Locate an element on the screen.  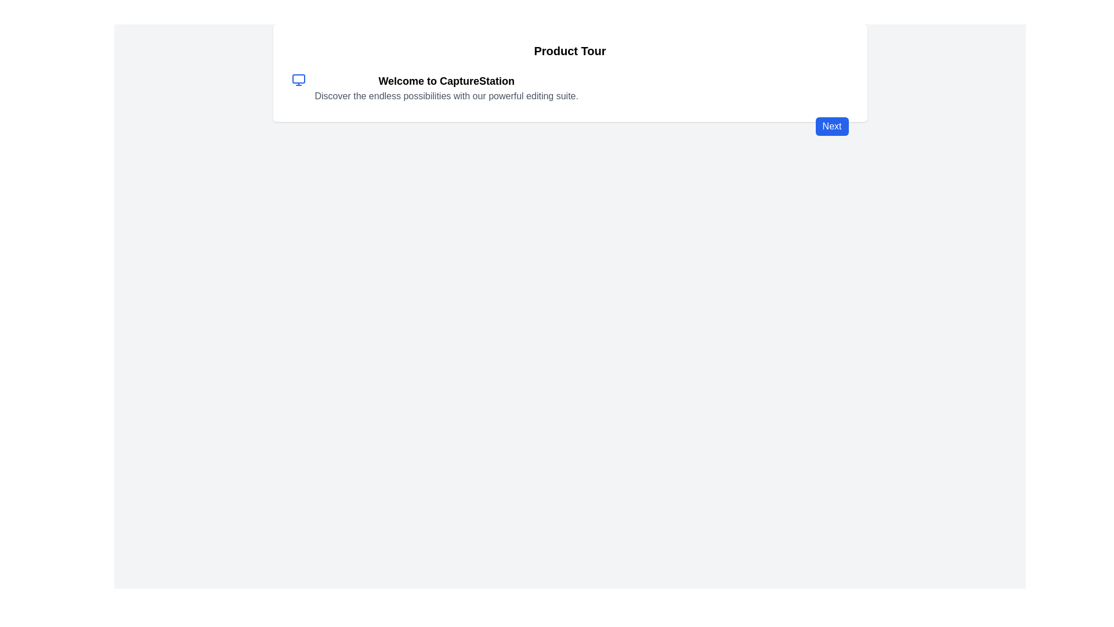
the header text display for 'CaptureStation', which is located at the top center of the interface within a white card is located at coordinates (446, 80).